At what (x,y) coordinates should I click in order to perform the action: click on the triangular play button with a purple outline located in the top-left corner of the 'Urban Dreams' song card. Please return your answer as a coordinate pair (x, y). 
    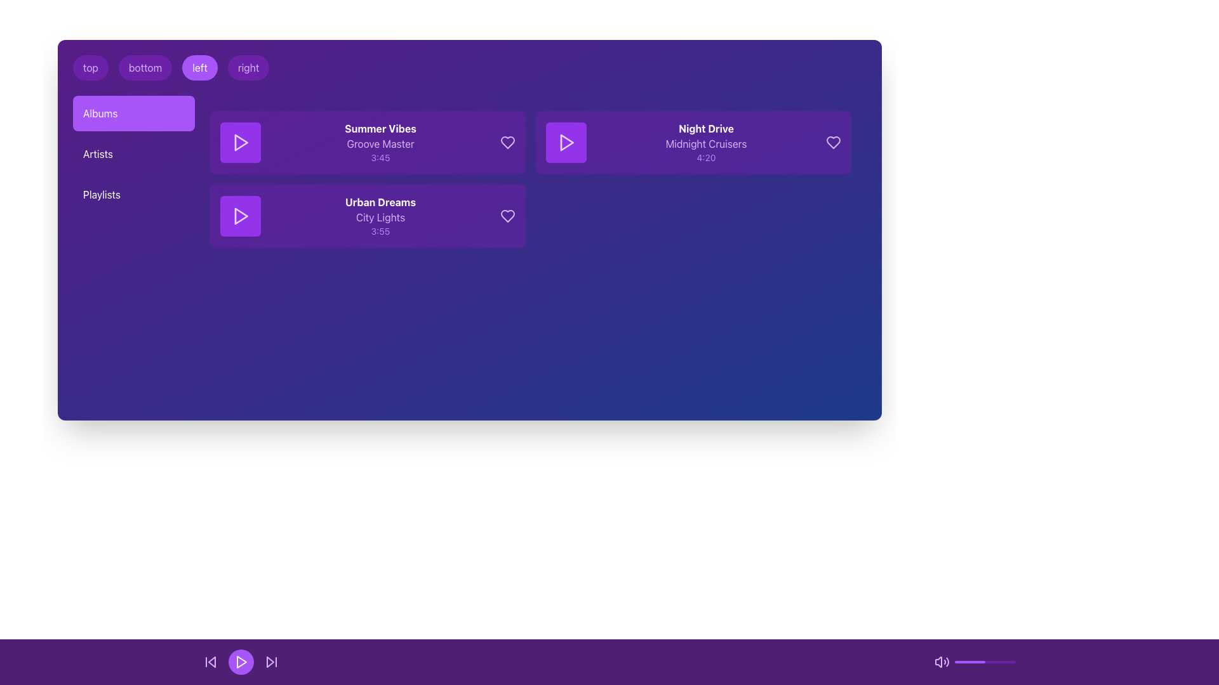
    Looking at the image, I should click on (241, 215).